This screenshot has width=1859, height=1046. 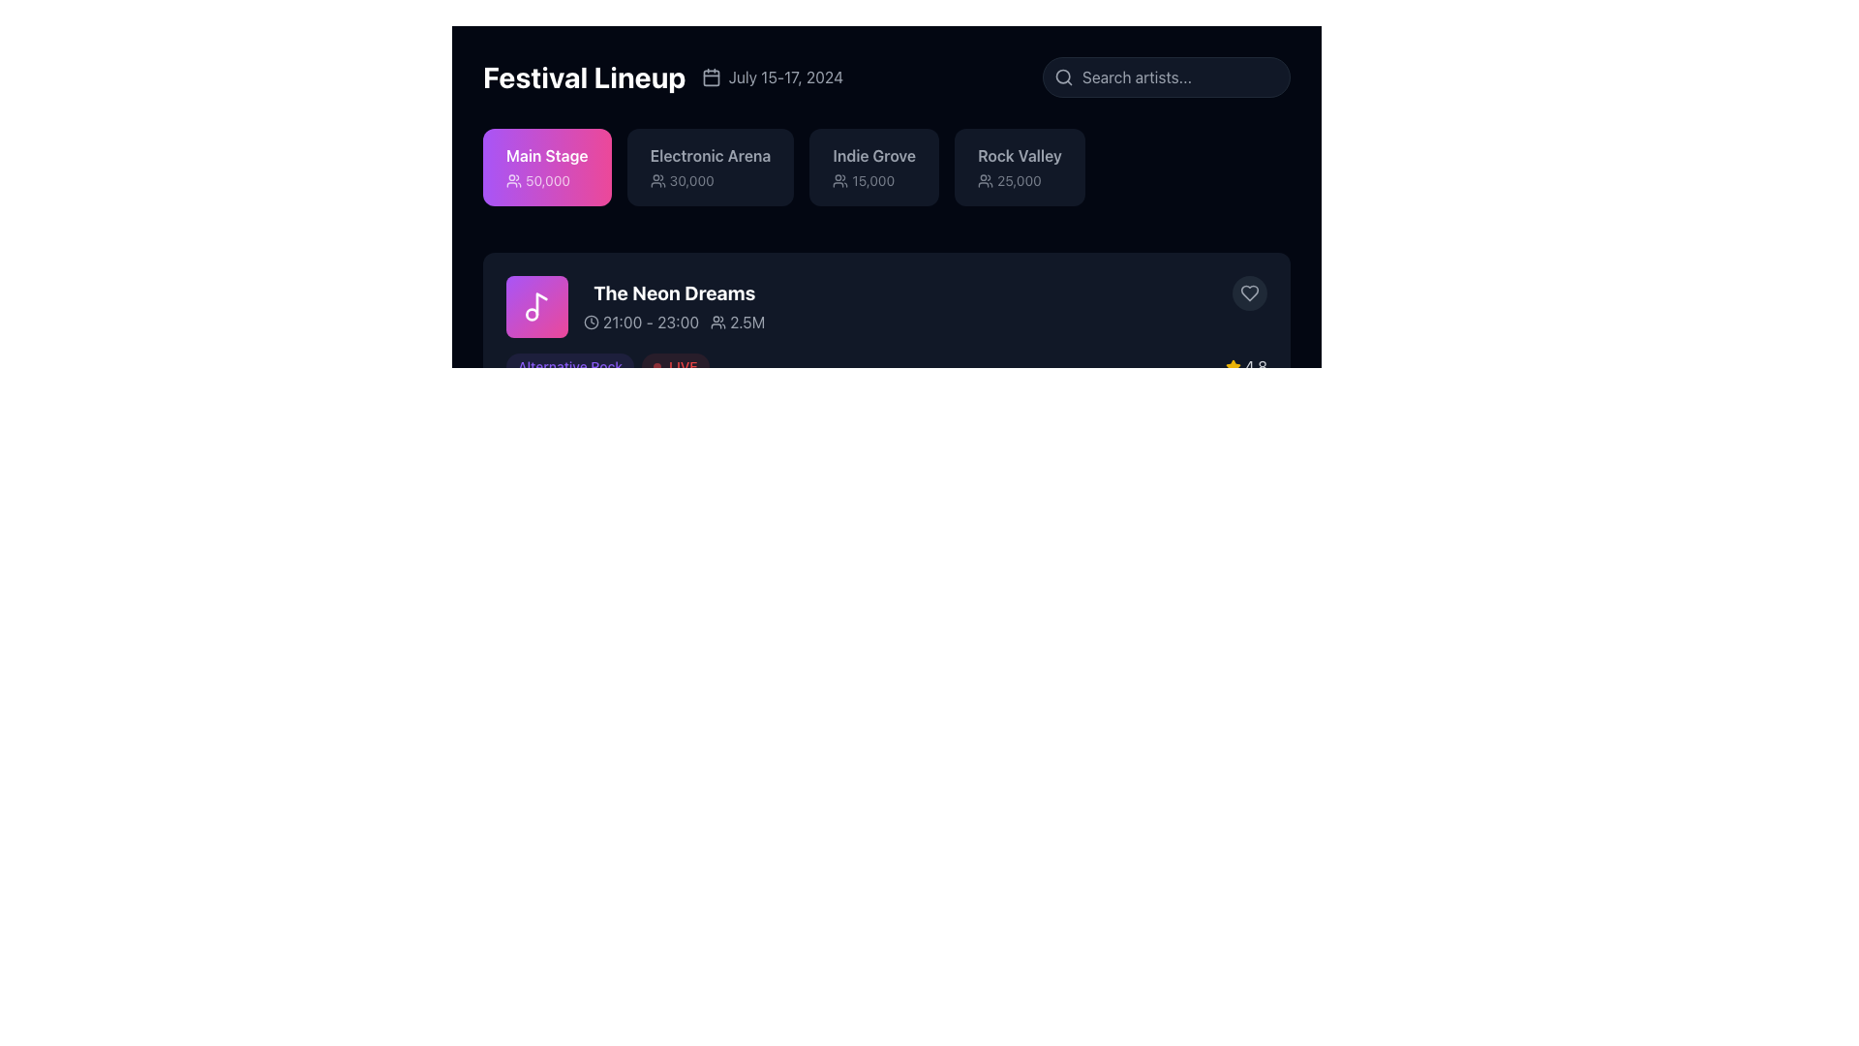 What do you see at coordinates (532, 313) in the screenshot?
I see `the circle that is part of the musical note icon associated with 'The Neon Dreams' card, located in the upper left region of the block beneath the 'Festival Lineup' section` at bounding box center [532, 313].